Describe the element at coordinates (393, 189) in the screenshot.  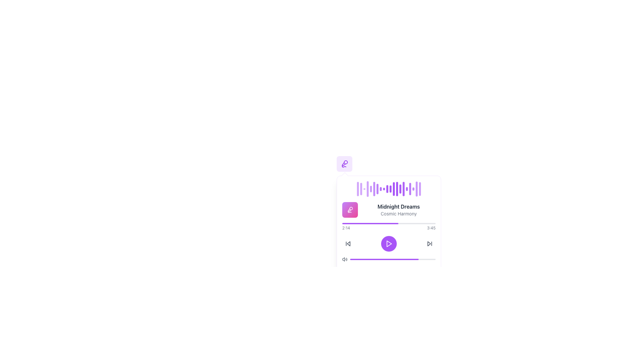
I see `the twelfth audio frequency bar in the waveform visualization area of the music player interface` at that location.